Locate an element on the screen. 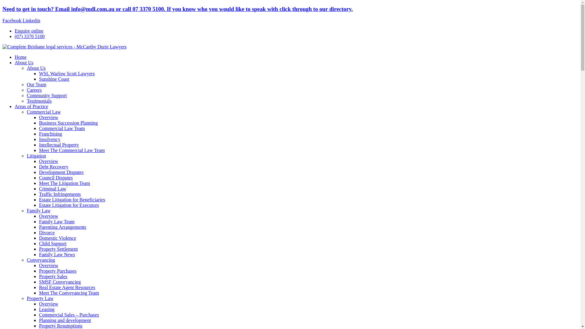 This screenshot has width=585, height=329. 'Litigation' is located at coordinates (36, 155).